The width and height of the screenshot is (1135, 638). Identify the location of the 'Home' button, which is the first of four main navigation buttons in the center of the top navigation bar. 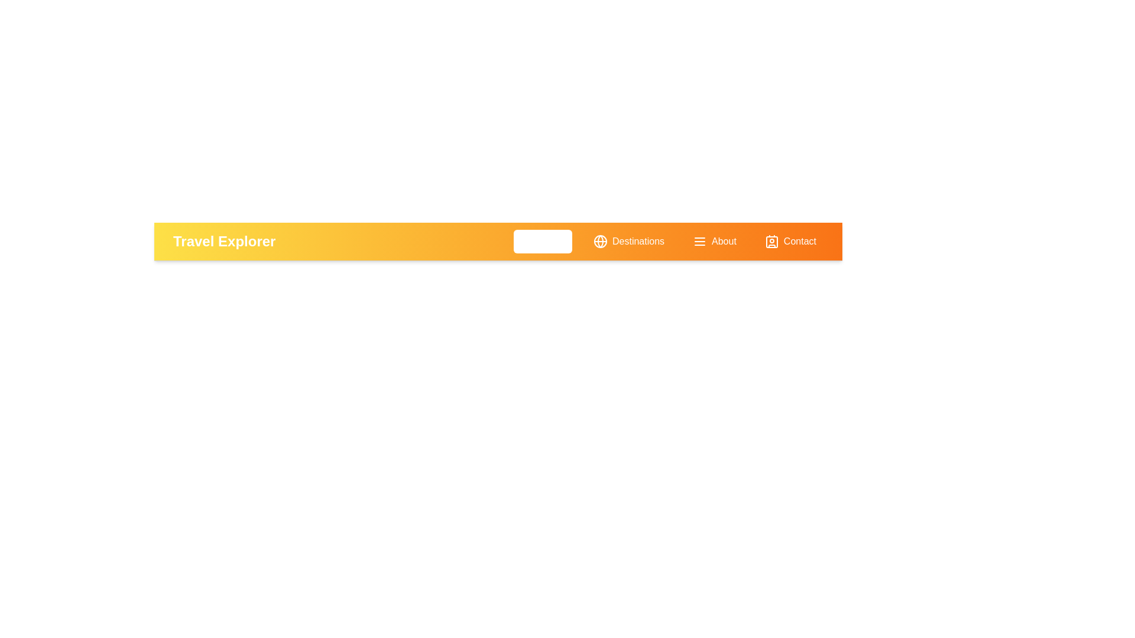
(542, 240).